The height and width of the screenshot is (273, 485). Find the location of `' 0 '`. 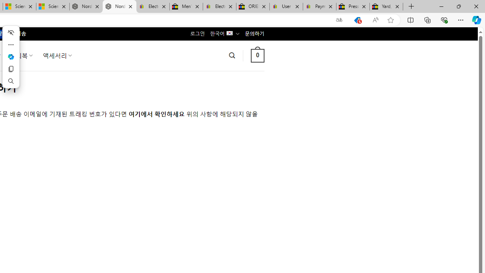

' 0 ' is located at coordinates (257, 55).